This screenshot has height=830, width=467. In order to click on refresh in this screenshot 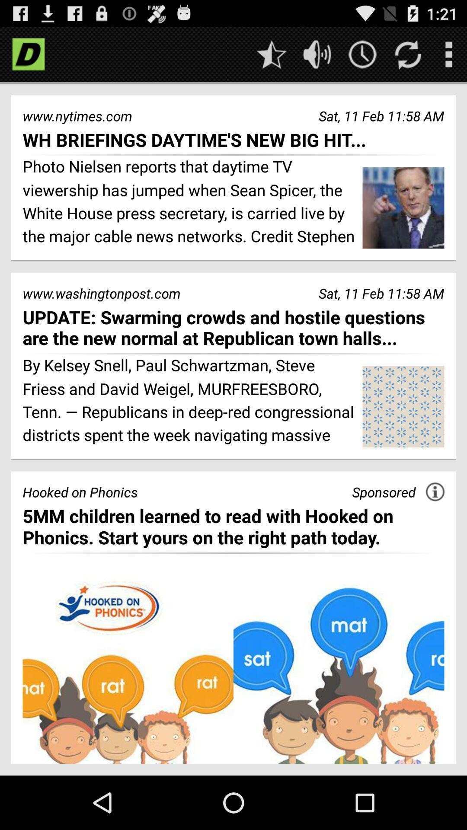, I will do `click(408, 54)`.